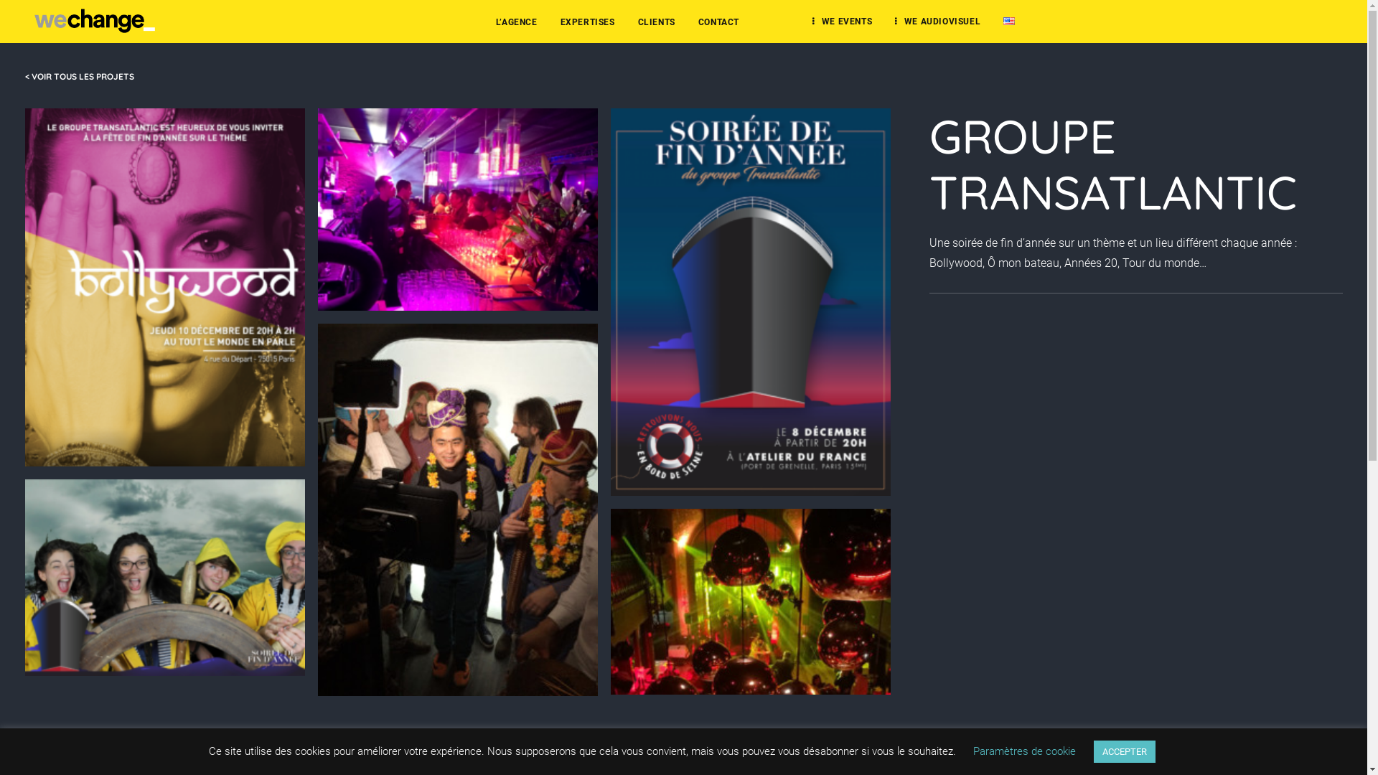 The height and width of the screenshot is (775, 1378). What do you see at coordinates (1123, 751) in the screenshot?
I see `'ACCEPTER'` at bounding box center [1123, 751].